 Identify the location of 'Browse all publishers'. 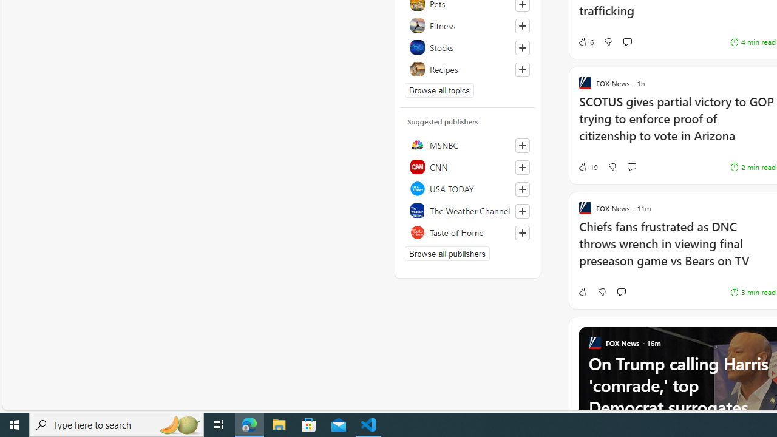
(446, 252).